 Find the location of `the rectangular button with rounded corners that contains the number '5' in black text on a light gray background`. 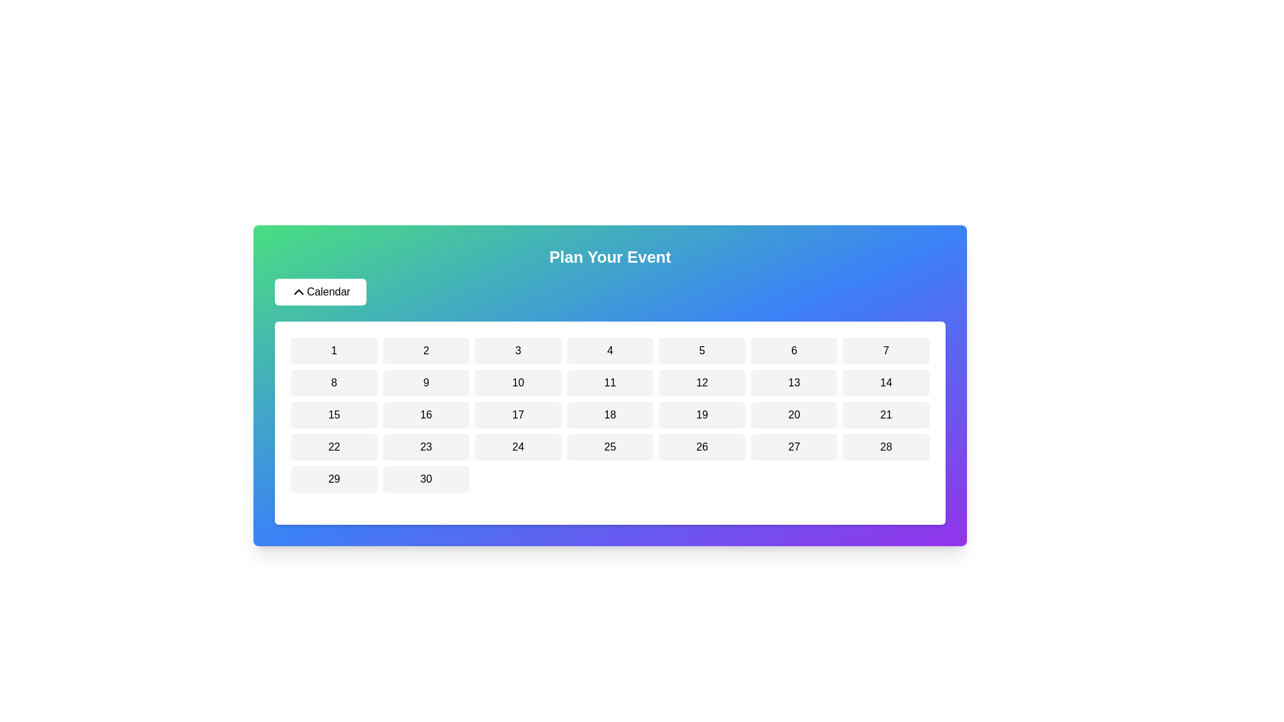

the rectangular button with rounded corners that contains the number '5' in black text on a light gray background is located at coordinates (702, 350).